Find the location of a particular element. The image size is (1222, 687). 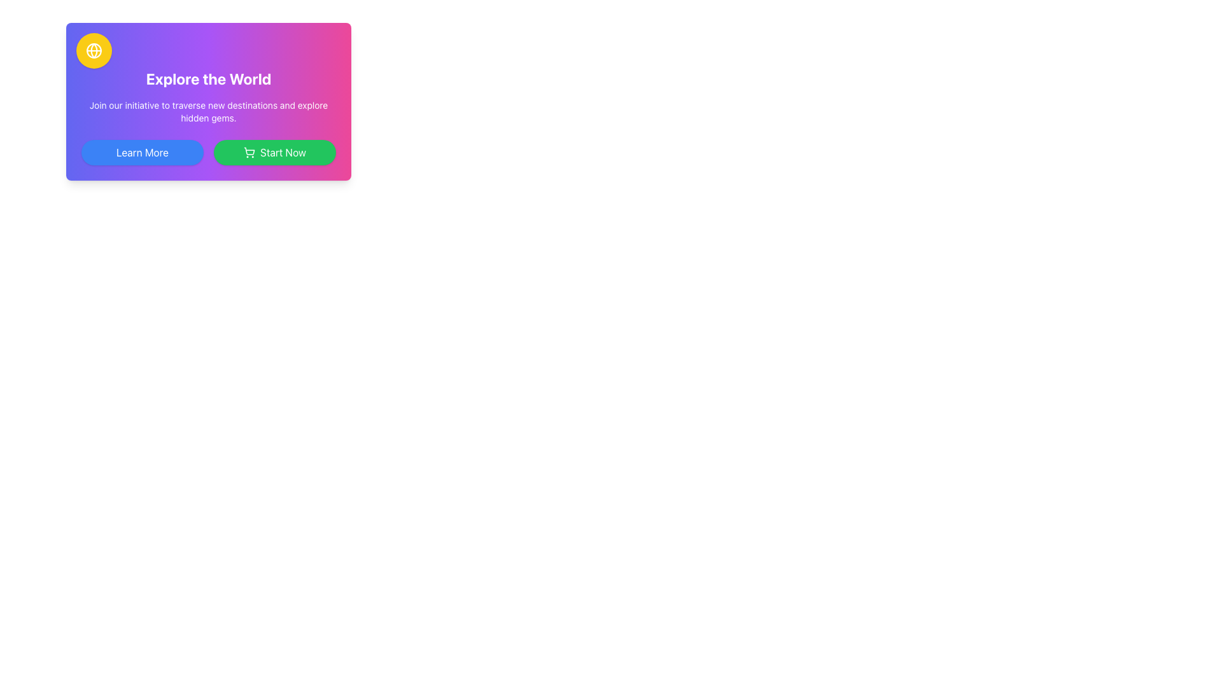

the bold, white, center-aligned headline 'Explore the World' in the Informational Section with Buttons for possible actions is located at coordinates (208, 101).